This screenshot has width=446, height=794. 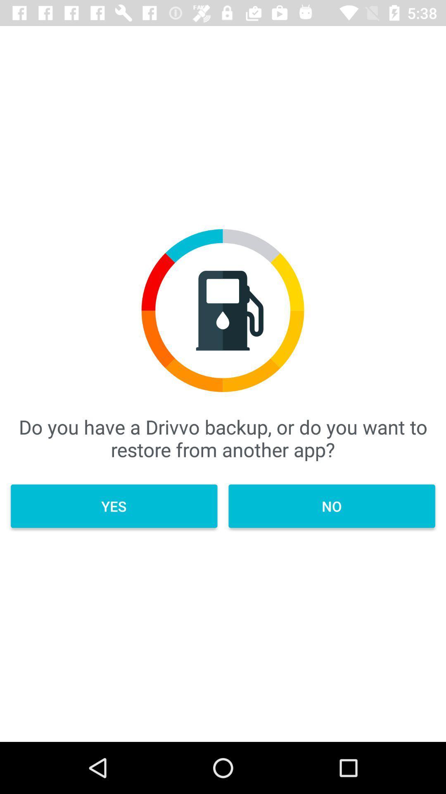 What do you see at coordinates (331, 506) in the screenshot?
I see `icon below do you have icon` at bounding box center [331, 506].